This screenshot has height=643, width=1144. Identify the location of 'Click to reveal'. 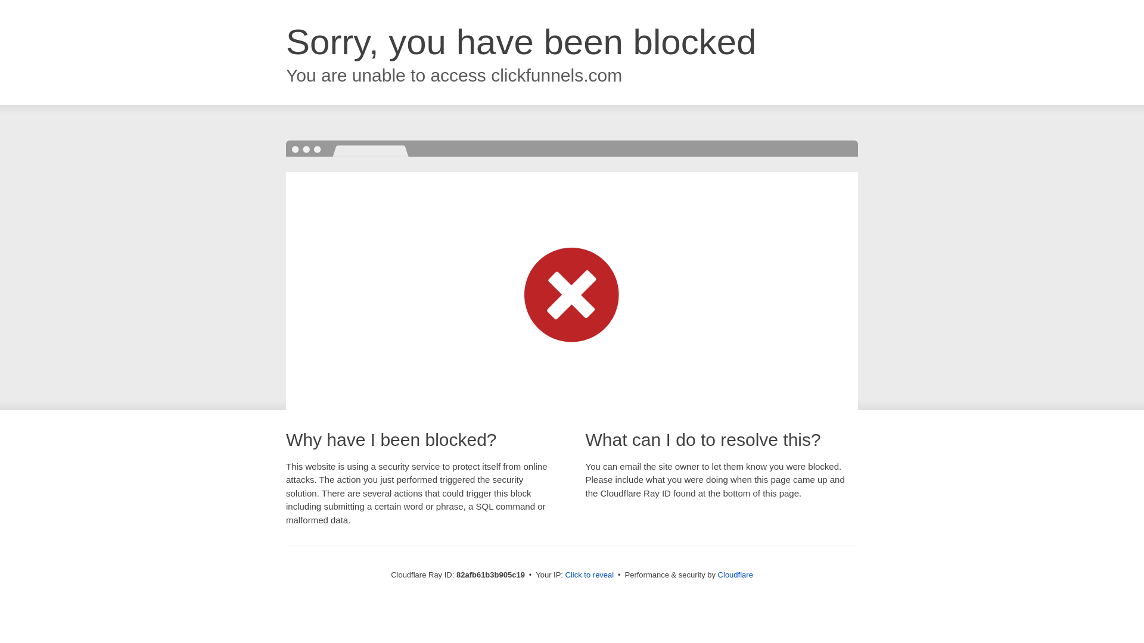
(589, 574).